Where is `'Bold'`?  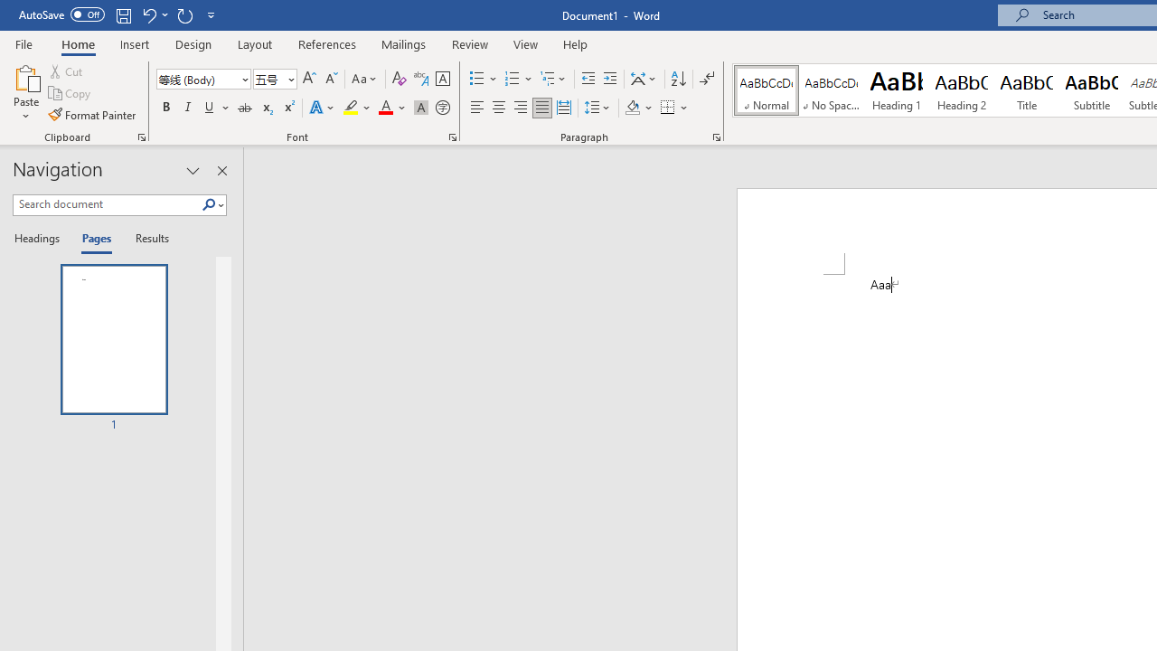
'Bold' is located at coordinates (165, 108).